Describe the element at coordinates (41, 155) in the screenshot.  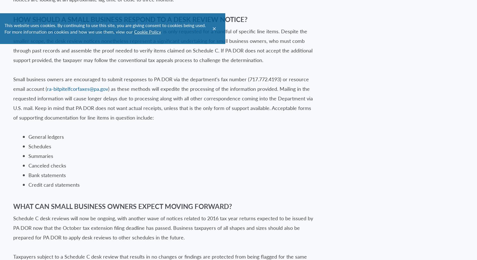
I see `'Summaries'` at that location.